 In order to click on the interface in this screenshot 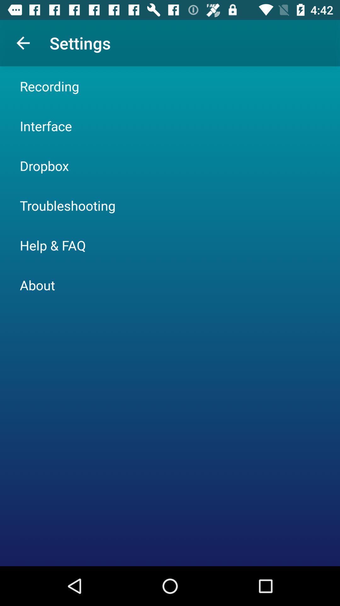, I will do `click(45, 126)`.